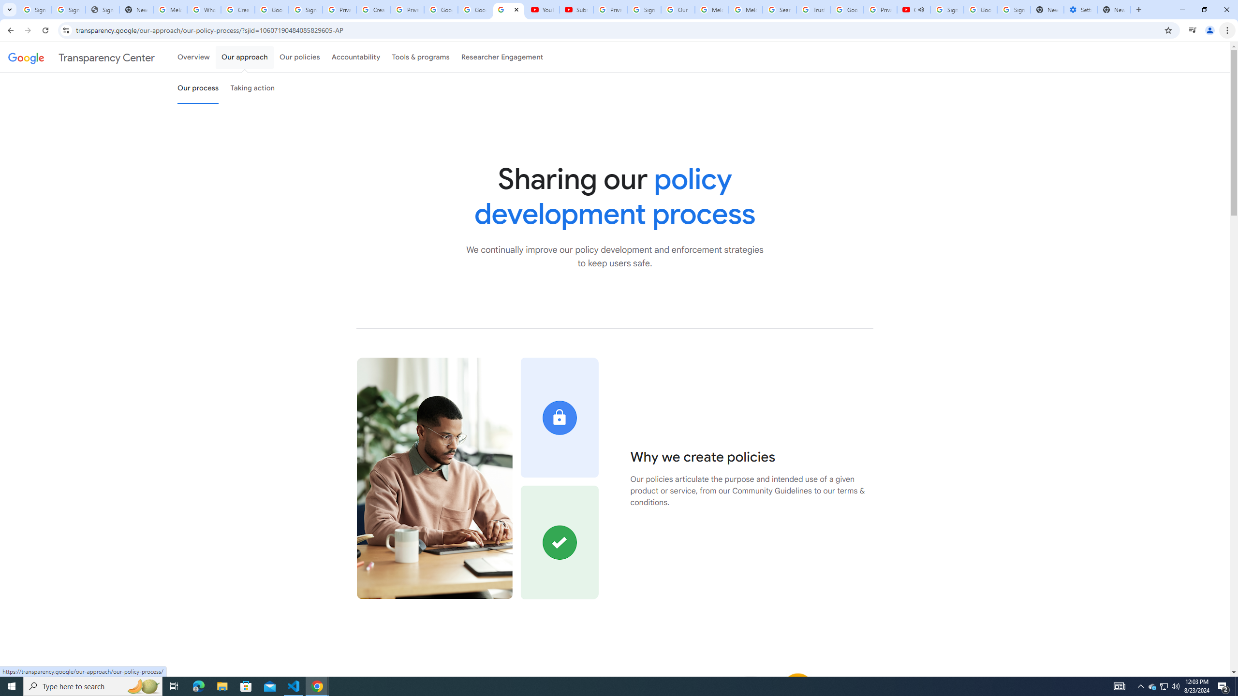  Describe the element at coordinates (575, 9) in the screenshot. I see `'Subscriptions - YouTube'` at that location.